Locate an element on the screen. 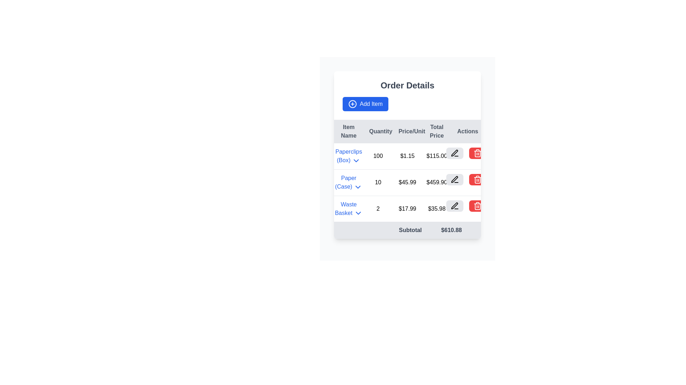 Image resolution: width=686 pixels, height=385 pixels. the 'edit' icon button located in the 'Actions' column of the table, which allows users to edit the corresponding row's details is located at coordinates (454, 206).